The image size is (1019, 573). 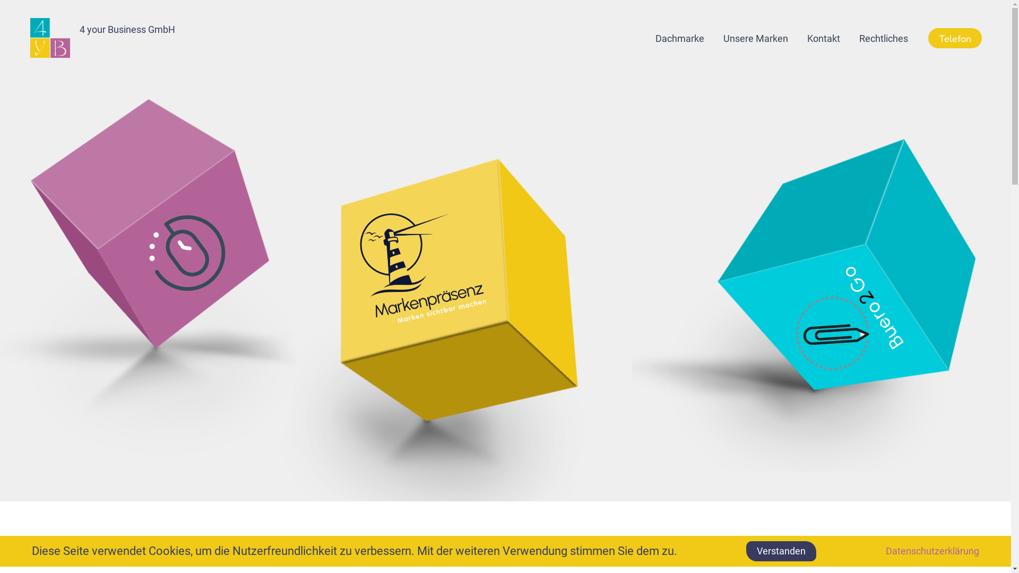 I want to click on 'Dachmarke', so click(x=680, y=38).